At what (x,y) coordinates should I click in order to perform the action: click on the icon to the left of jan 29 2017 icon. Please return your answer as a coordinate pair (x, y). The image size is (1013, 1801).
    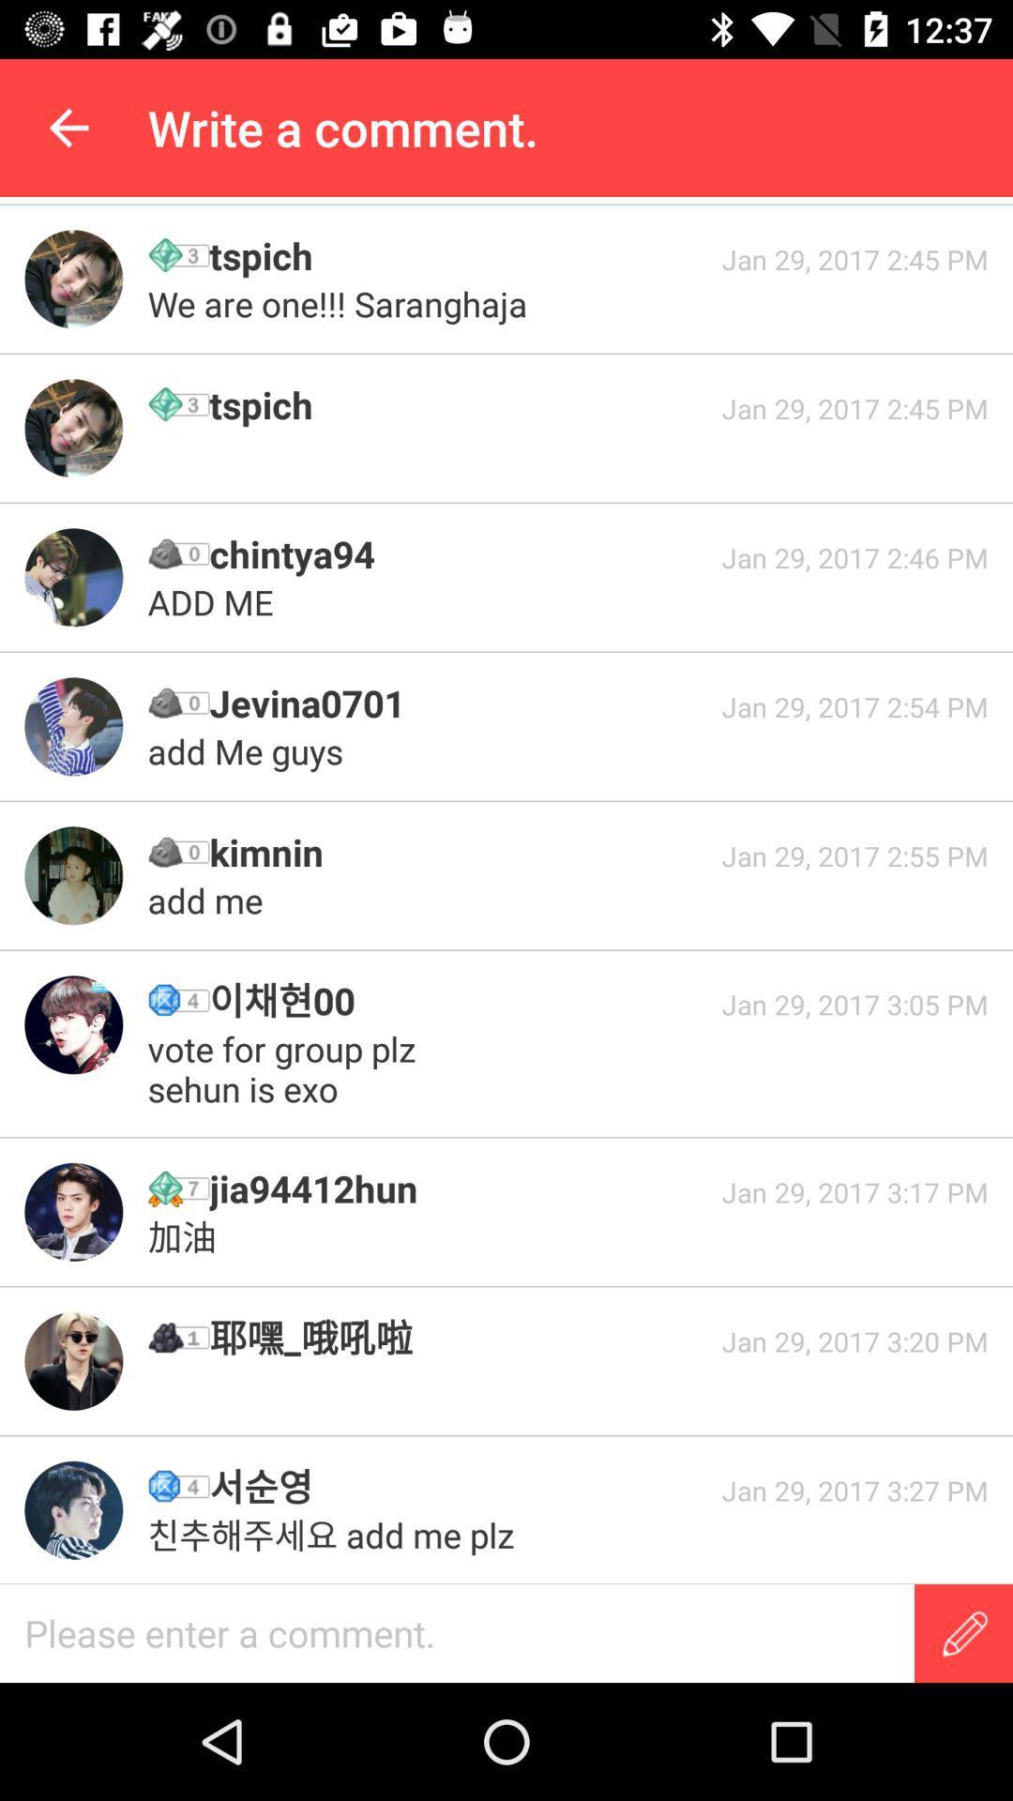
    Looking at the image, I should click on (459, 851).